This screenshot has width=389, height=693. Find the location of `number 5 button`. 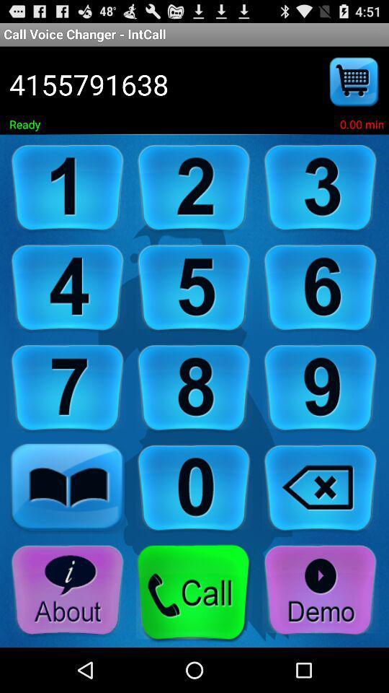

number 5 button is located at coordinates (194, 287).